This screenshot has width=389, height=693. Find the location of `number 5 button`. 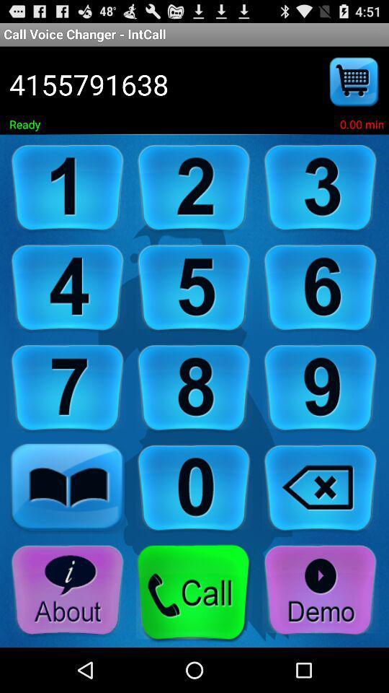

number 5 button is located at coordinates (194, 287).